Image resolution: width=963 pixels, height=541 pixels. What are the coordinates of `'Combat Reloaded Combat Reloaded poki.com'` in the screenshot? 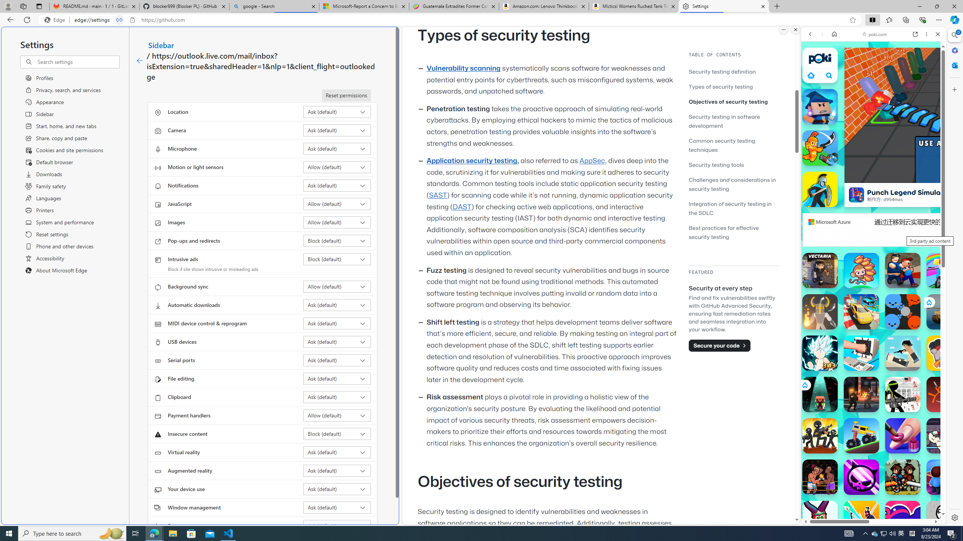 It's located at (892, 362).